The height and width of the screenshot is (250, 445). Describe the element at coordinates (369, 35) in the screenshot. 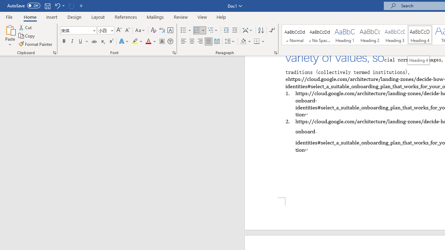

I see `'Heading 2'` at that location.